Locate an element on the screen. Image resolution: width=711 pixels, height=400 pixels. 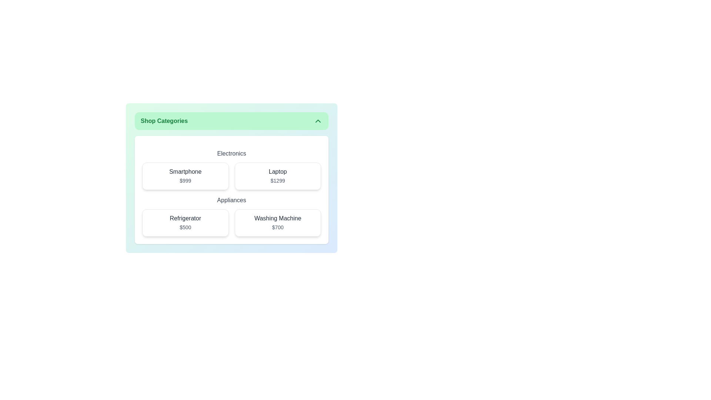
the price label located below the 'Washing Machine' label in the bottom-right section of the grid layout under the 'Appliances' category is located at coordinates (277, 227).